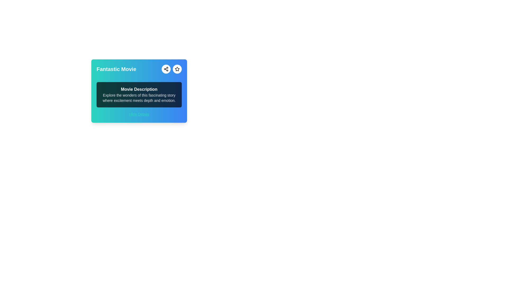 The height and width of the screenshot is (285, 508). What do you see at coordinates (166, 69) in the screenshot?
I see `the 'Share' icon located at the top-right corner of the card to initiate a share action` at bounding box center [166, 69].